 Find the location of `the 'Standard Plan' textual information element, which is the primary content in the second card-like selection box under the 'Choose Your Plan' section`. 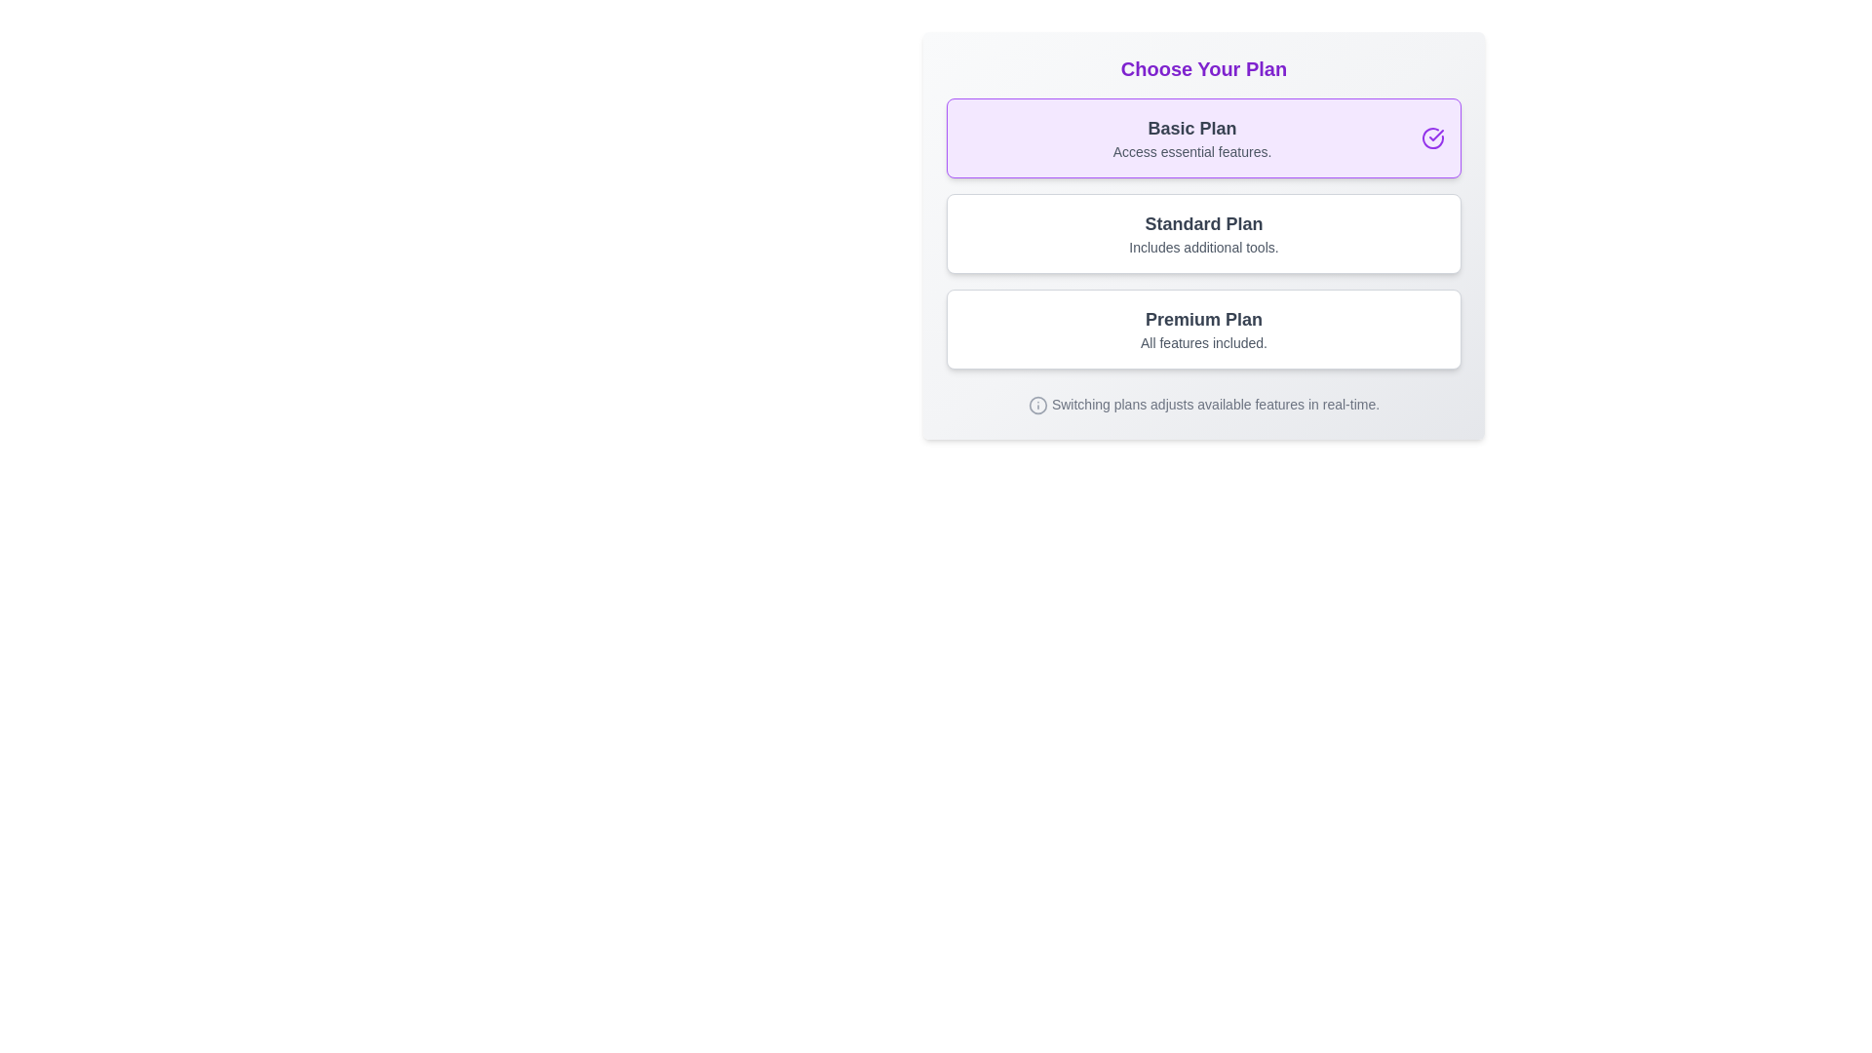

the 'Standard Plan' textual information element, which is the primary content in the second card-like selection box under the 'Choose Your Plan' section is located at coordinates (1202, 232).